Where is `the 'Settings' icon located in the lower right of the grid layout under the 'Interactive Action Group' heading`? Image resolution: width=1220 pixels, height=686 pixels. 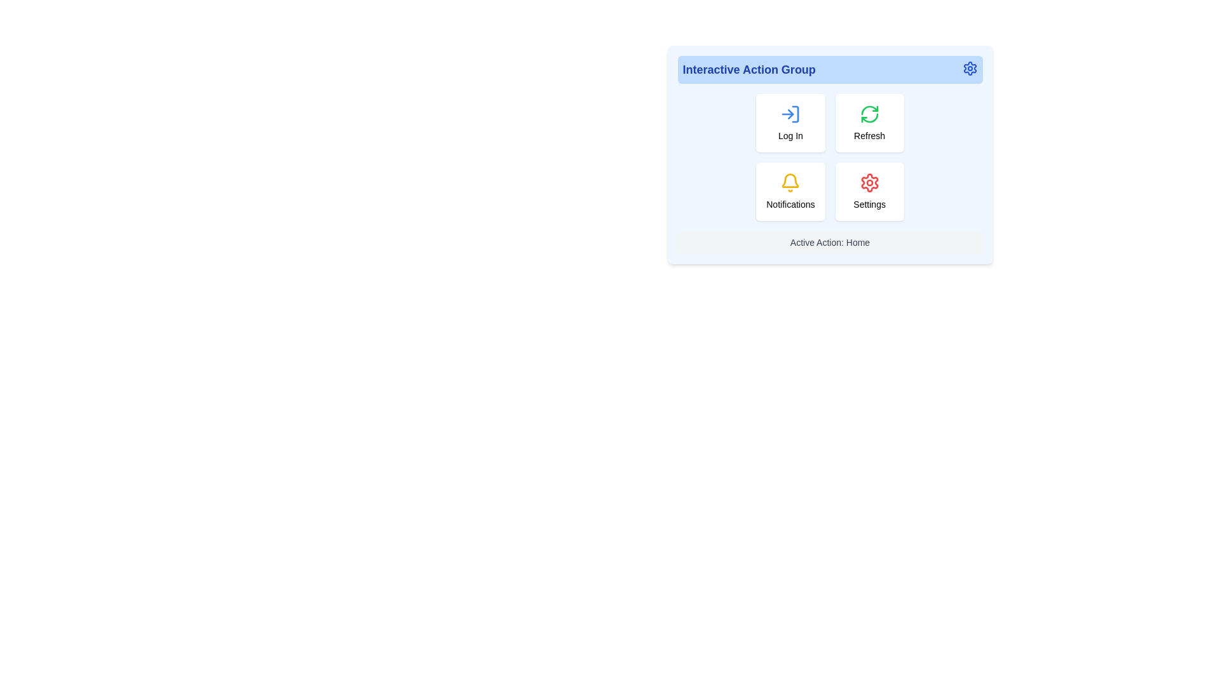
the 'Settings' icon located in the lower right of the grid layout under the 'Interactive Action Group' heading is located at coordinates (869, 183).